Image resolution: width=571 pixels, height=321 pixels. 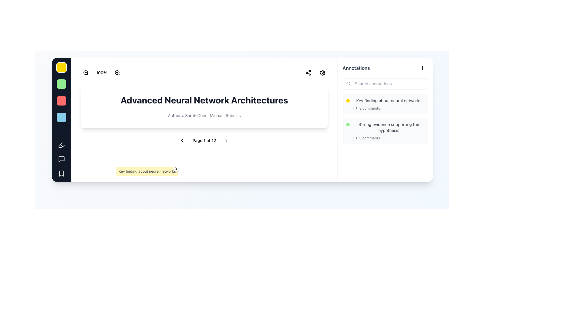 I want to click on the main title text display regarding advanced neural networks, which is located in the upper-central part of the interface, above the authors' text, so click(x=204, y=100).